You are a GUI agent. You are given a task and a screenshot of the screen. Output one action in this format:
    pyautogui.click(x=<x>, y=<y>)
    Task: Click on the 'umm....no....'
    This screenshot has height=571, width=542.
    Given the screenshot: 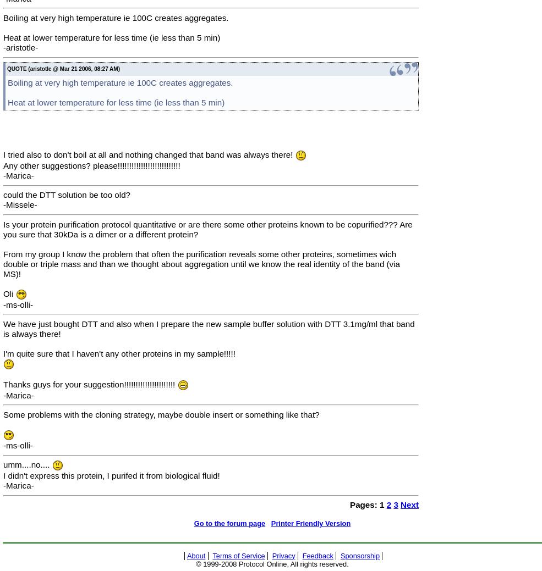 What is the action you would take?
    pyautogui.click(x=27, y=464)
    